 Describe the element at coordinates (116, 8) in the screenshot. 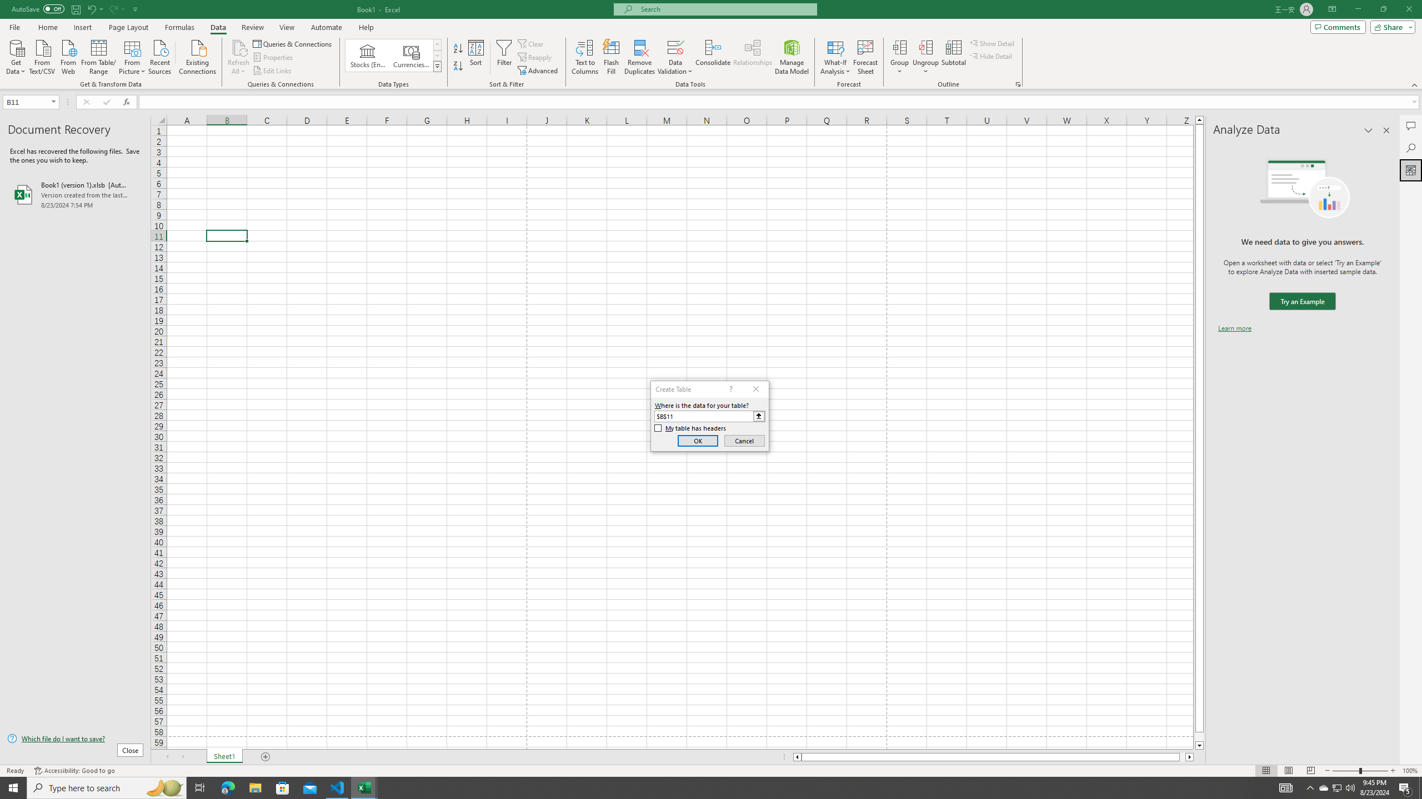

I see `'Redo'` at that location.